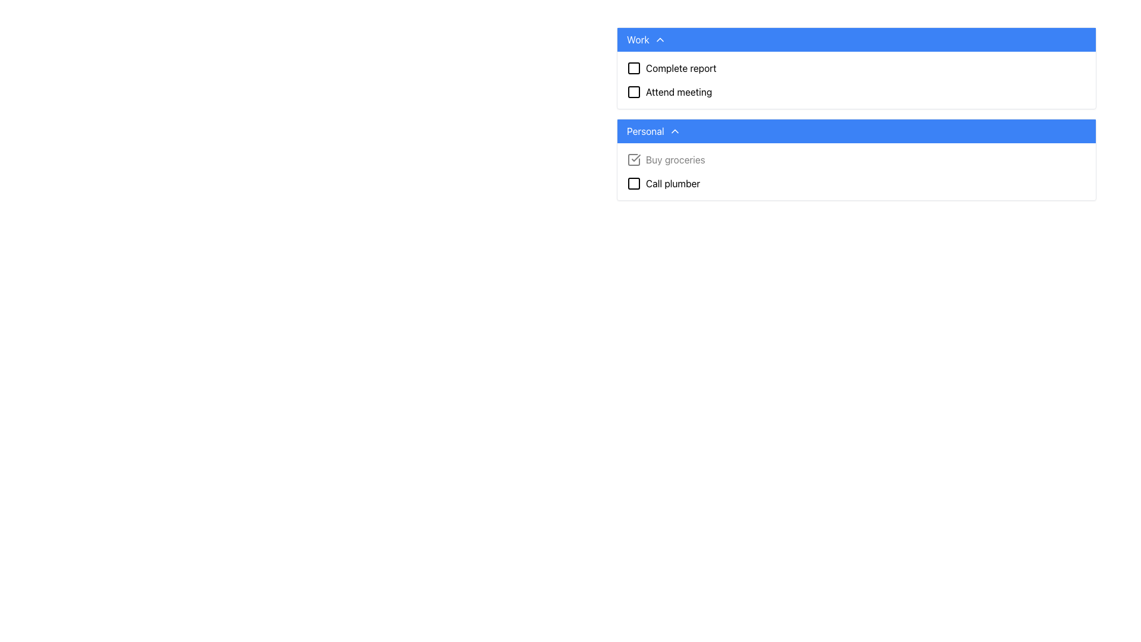 The image size is (1141, 642). What do you see at coordinates (856, 68) in the screenshot?
I see `on the checkbox labeled 'Complete report' in the 'Work' section` at bounding box center [856, 68].